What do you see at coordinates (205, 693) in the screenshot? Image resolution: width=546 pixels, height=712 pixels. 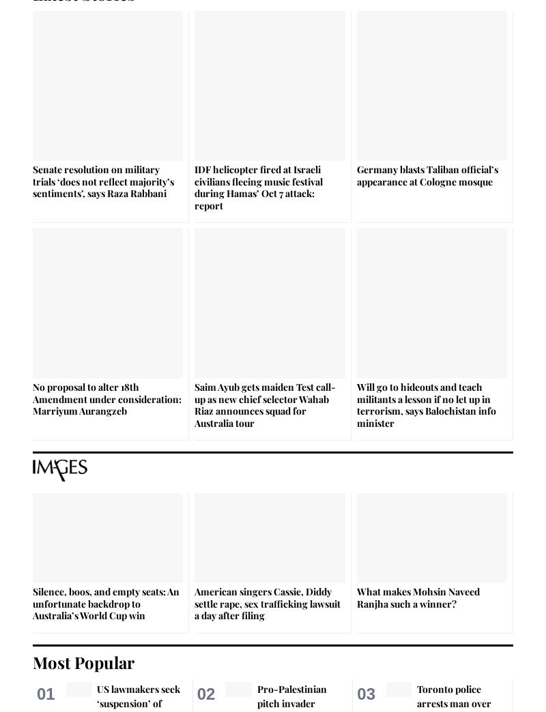 I see `'02'` at bounding box center [205, 693].